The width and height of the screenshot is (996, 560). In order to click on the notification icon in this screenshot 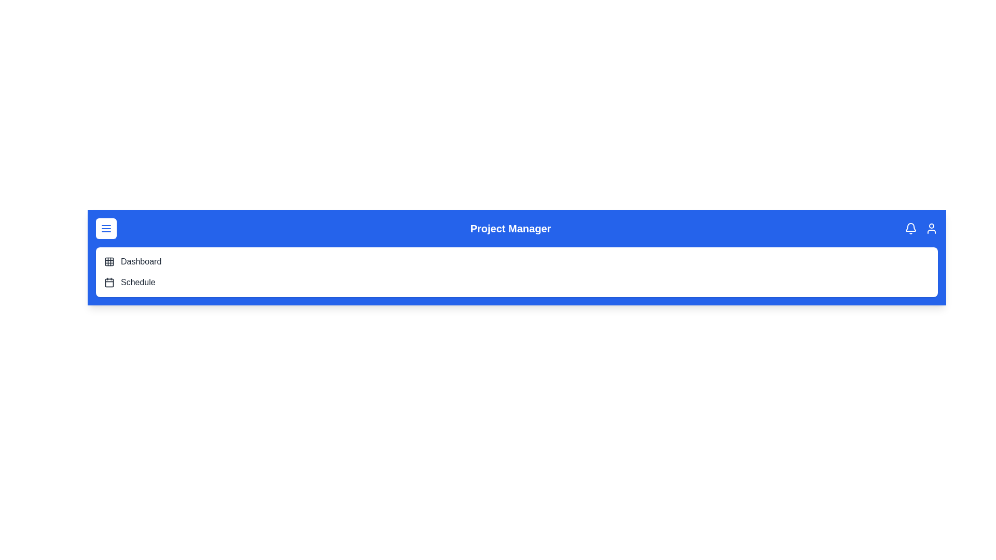, I will do `click(910, 228)`.